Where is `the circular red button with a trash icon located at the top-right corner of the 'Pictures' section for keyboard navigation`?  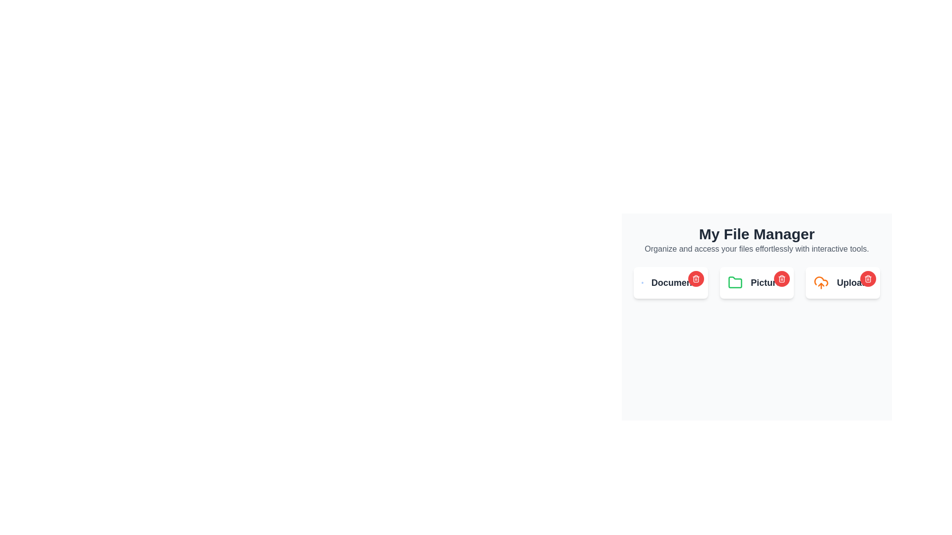 the circular red button with a trash icon located at the top-right corner of the 'Pictures' section for keyboard navigation is located at coordinates (781, 279).